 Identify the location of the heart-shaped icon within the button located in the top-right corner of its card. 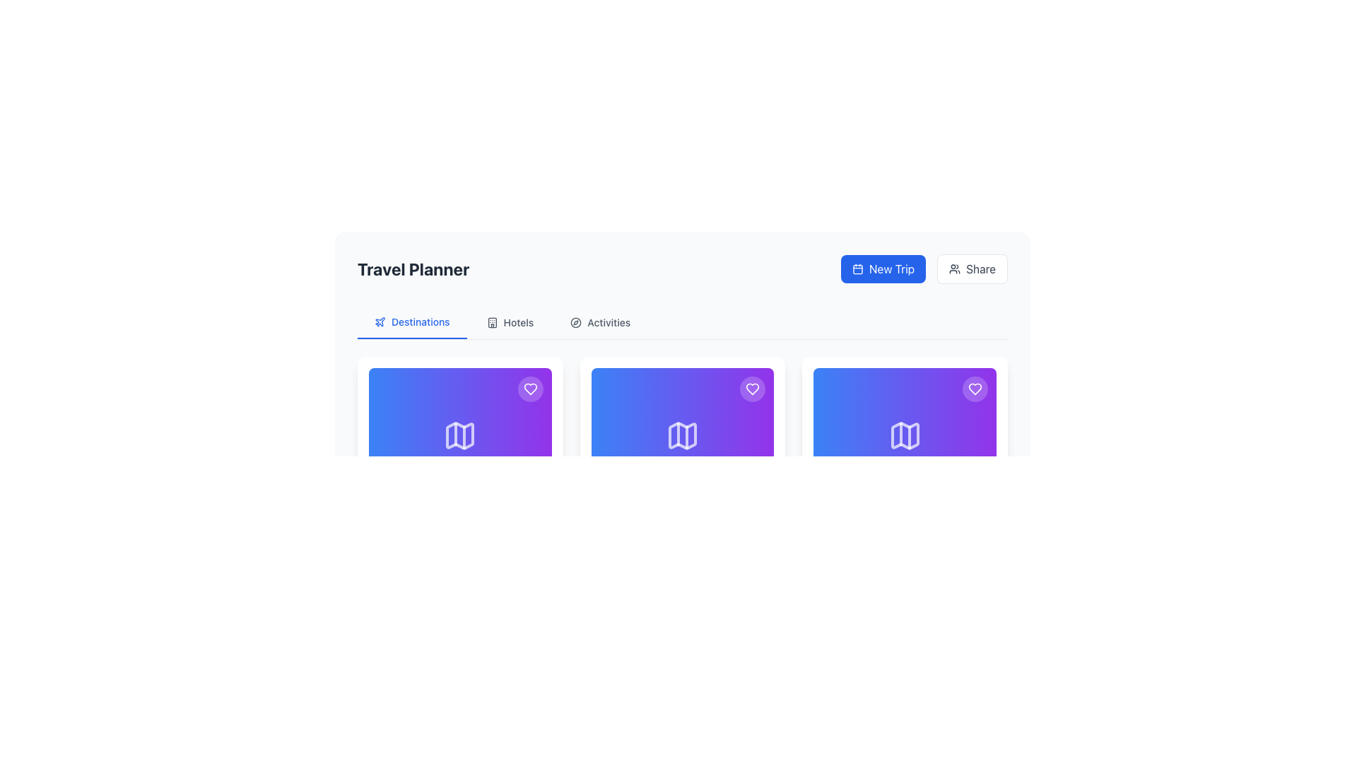
(529, 389).